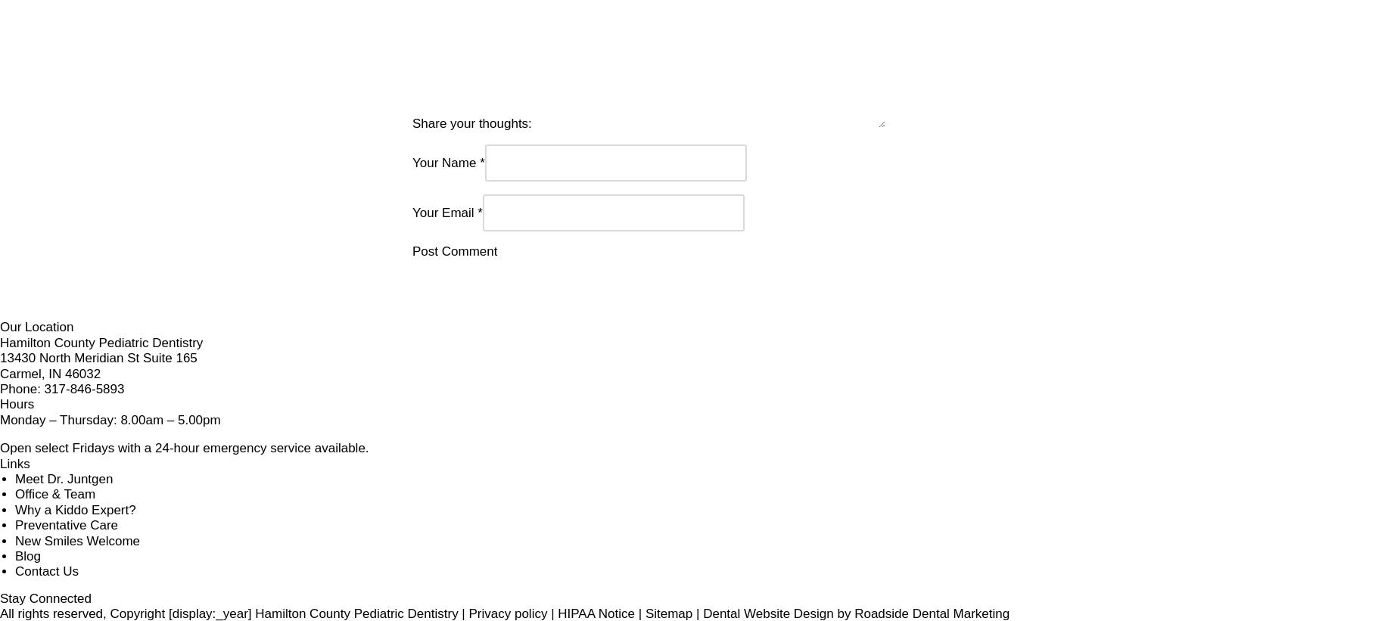  What do you see at coordinates (443, 171) in the screenshot?
I see `'Your Email'` at bounding box center [443, 171].